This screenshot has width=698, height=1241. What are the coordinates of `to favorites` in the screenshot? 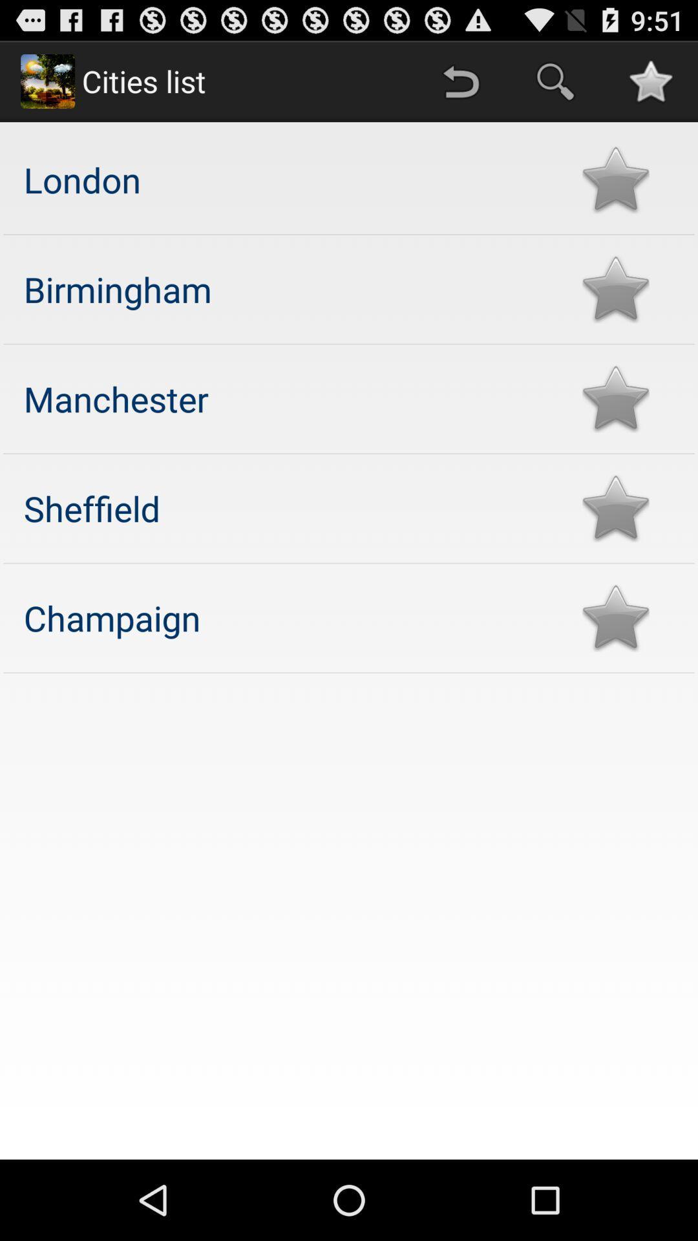 It's located at (615, 179).